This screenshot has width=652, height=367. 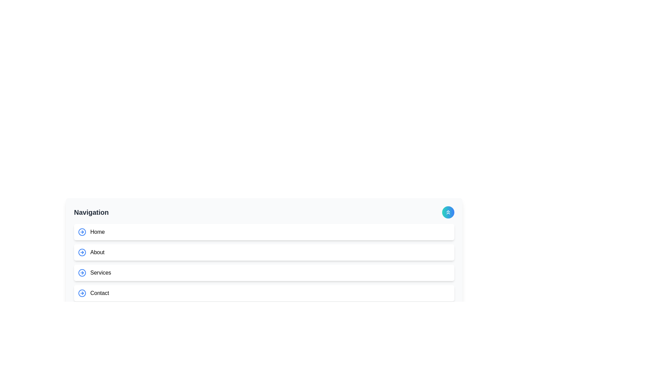 I want to click on the blue circular icon with a right-pointing arrow located next to the text 'Services' in the vertical navigation menu, so click(x=81, y=272).